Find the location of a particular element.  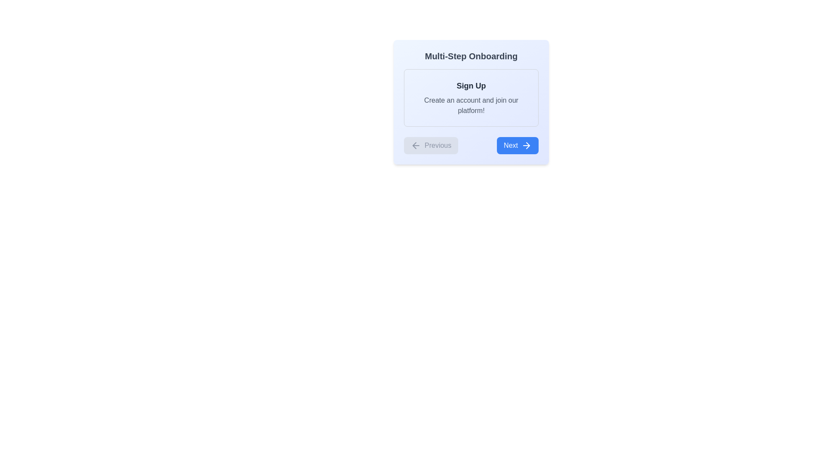

the blue rectangular button labeled 'Next' with rounded corners is located at coordinates (517, 145).